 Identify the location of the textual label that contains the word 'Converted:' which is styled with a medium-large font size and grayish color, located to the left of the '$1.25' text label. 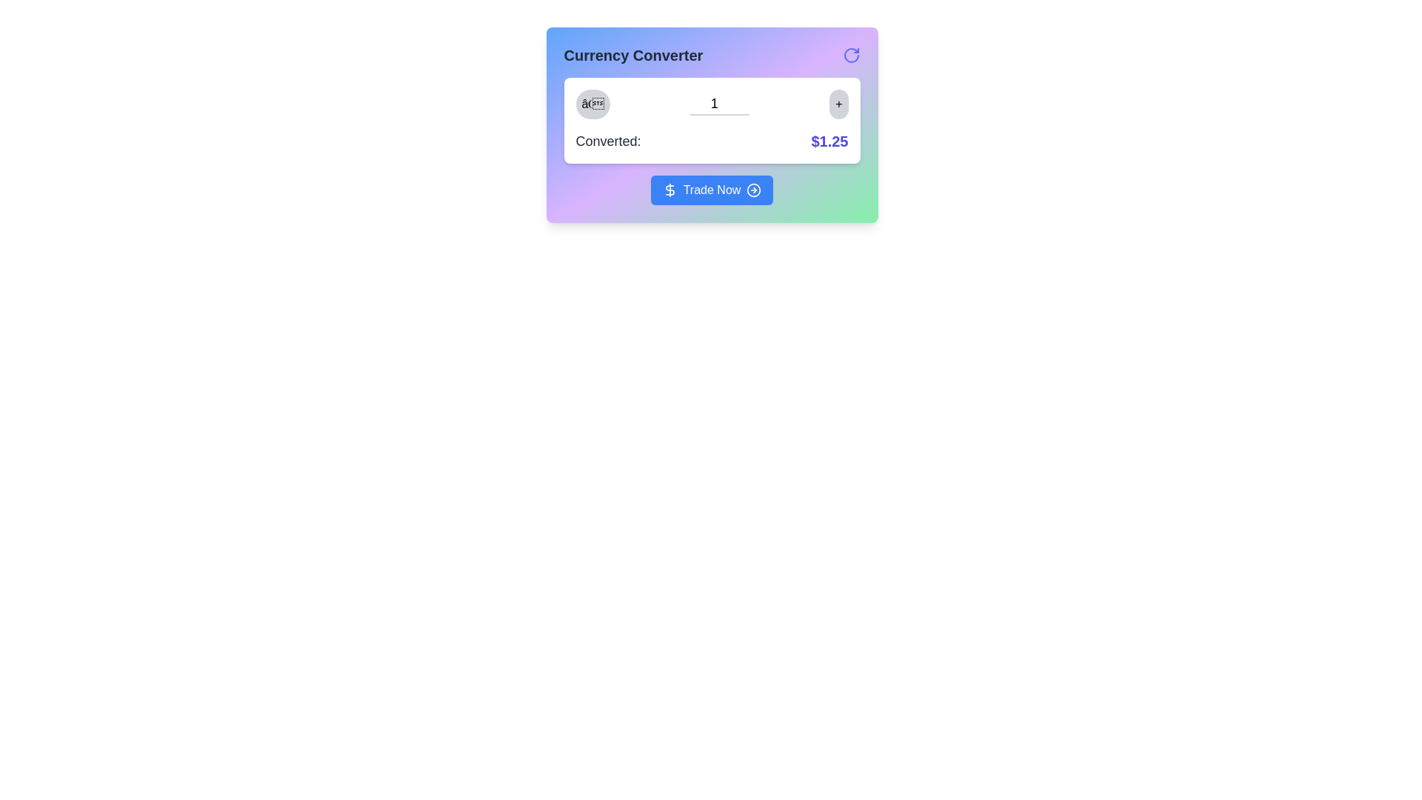
(608, 141).